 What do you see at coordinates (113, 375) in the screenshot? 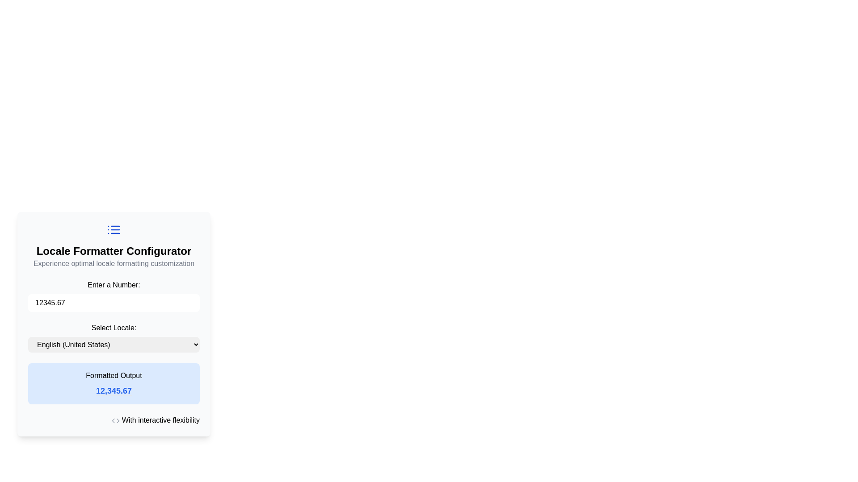
I see `the text label that displays 'Formatted Output', which is styled with medium-weight font and is positioned above the numerical value '12,345.67'` at bounding box center [113, 375].